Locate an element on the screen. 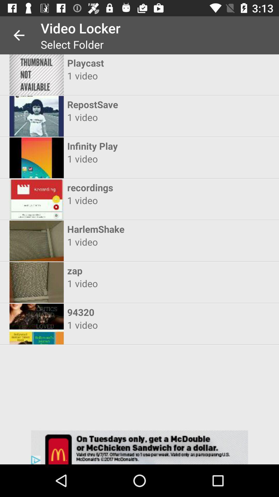 This screenshot has height=497, width=279. playcast is located at coordinates (135, 63).